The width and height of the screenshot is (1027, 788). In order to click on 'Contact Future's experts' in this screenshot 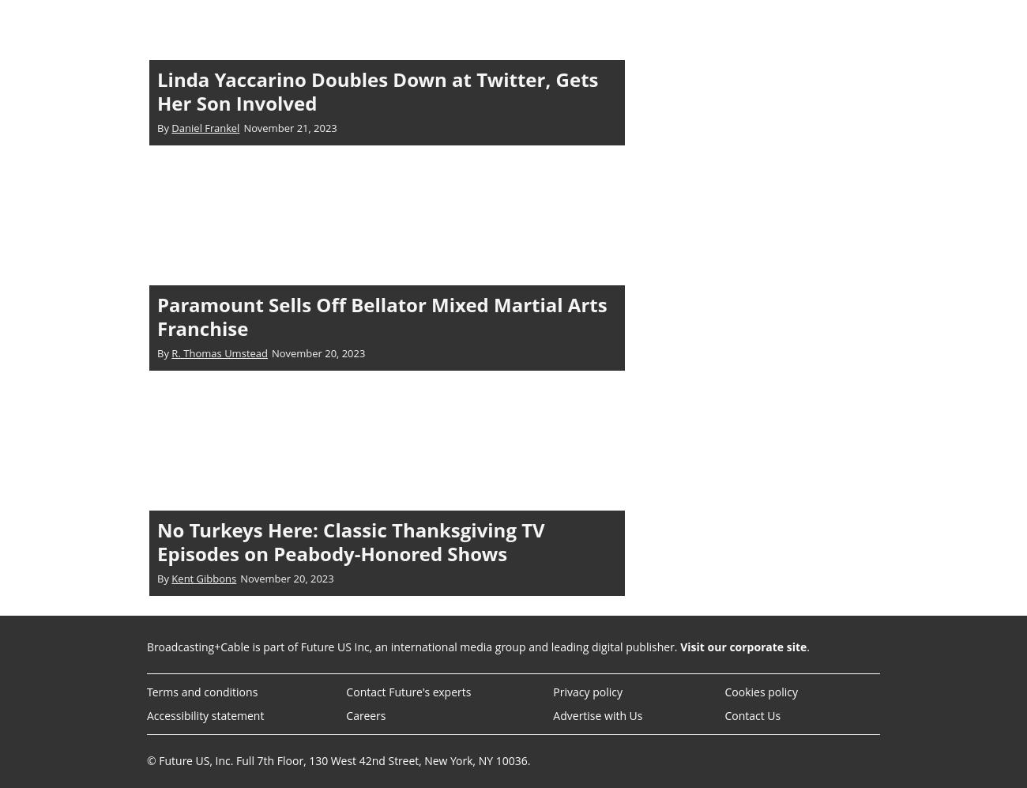, I will do `click(408, 691)`.